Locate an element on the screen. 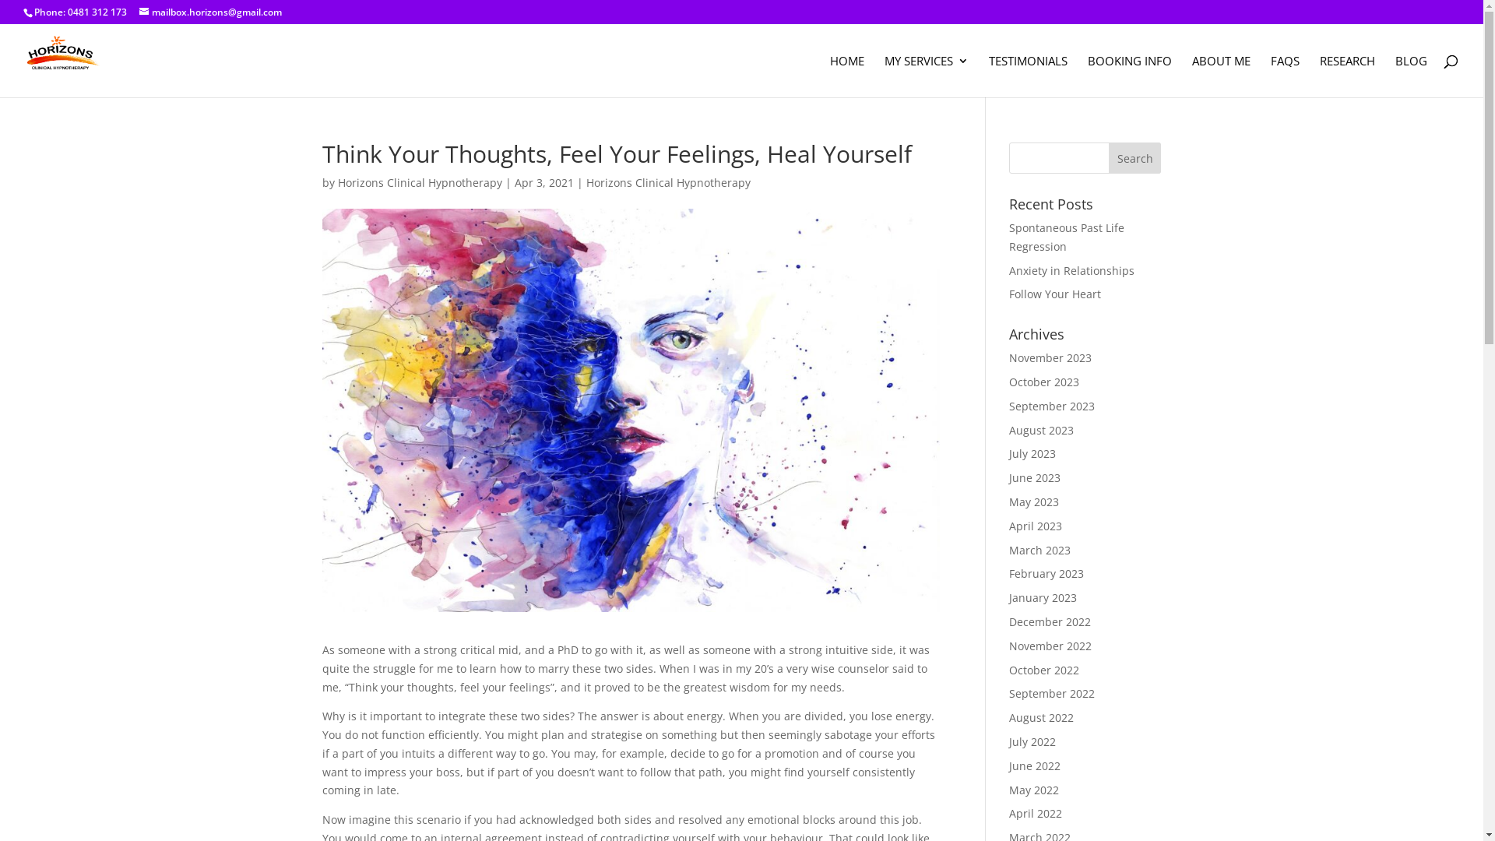  'November 2023' is located at coordinates (1050, 357).